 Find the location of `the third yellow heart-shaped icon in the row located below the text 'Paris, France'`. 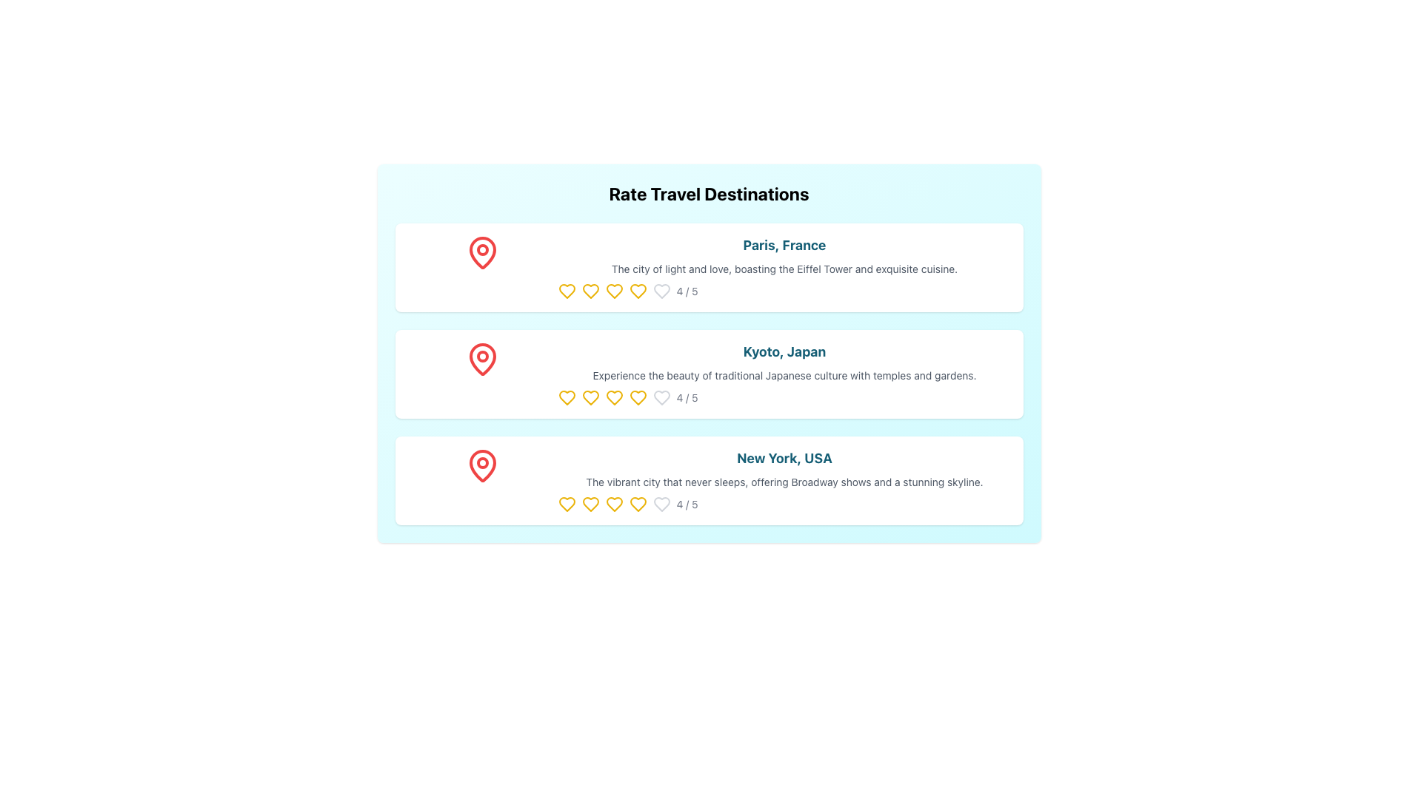

the third yellow heart-shaped icon in the row located below the text 'Paris, France' is located at coordinates (590, 291).